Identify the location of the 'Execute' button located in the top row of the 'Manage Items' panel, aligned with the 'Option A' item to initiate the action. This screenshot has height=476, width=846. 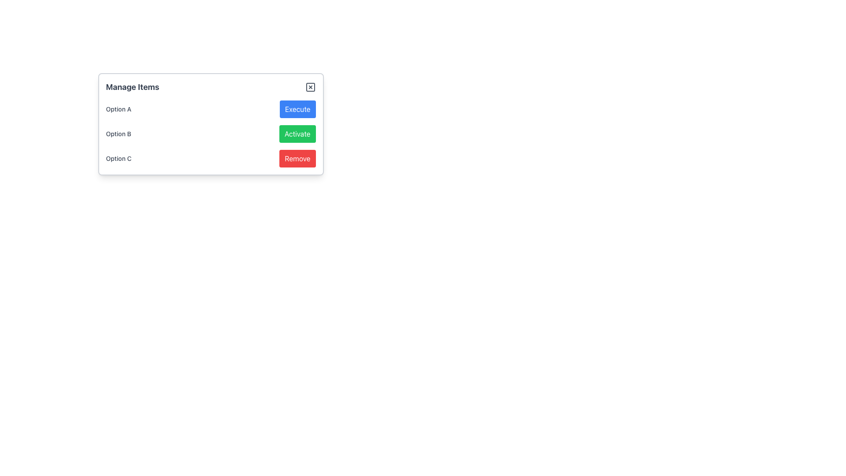
(297, 108).